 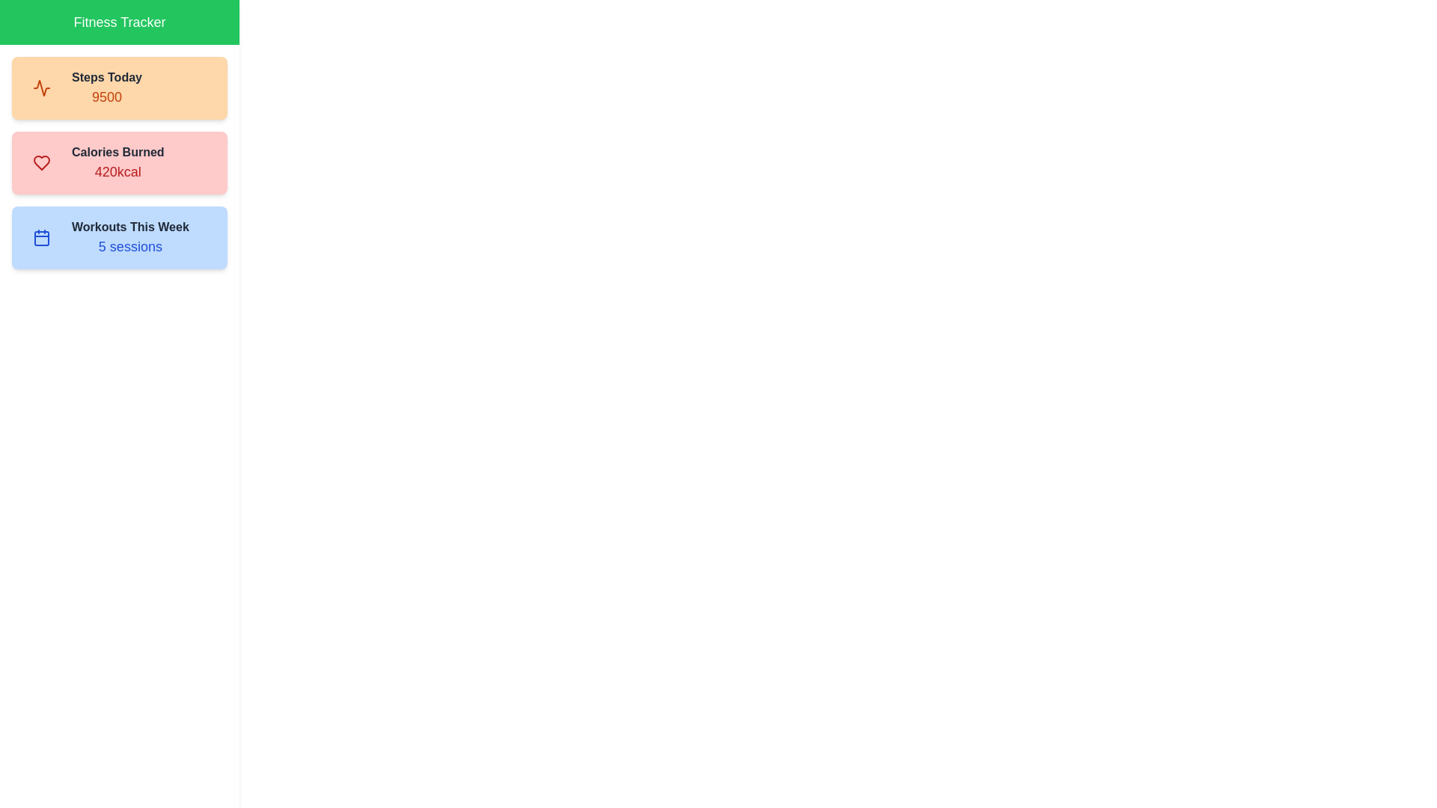 I want to click on the header text 'Fitness Tracker', so click(x=118, y=22).